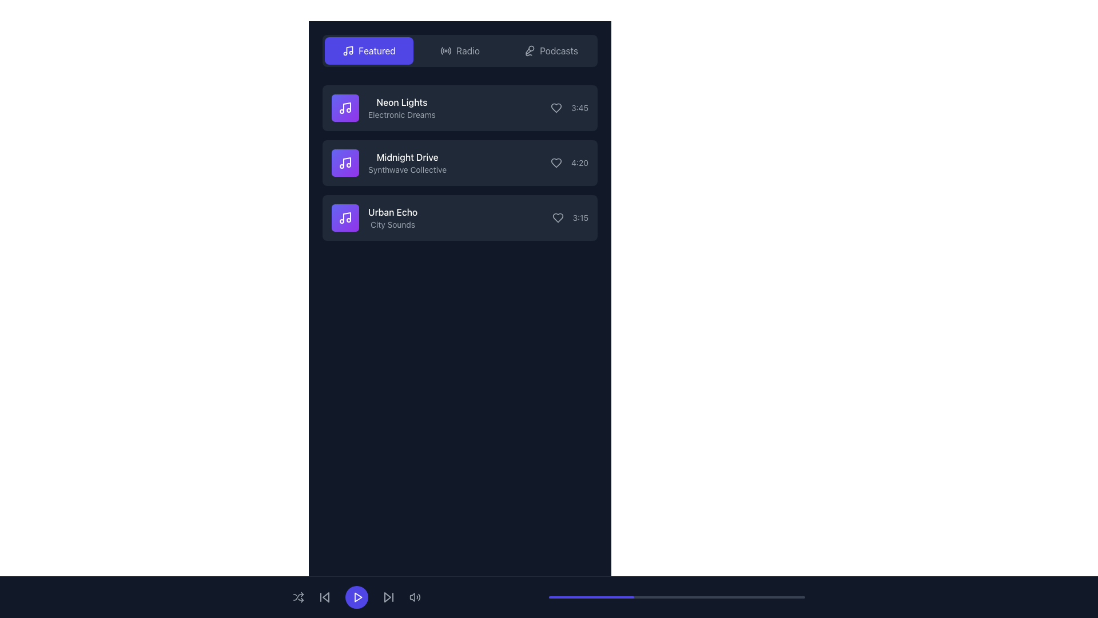  What do you see at coordinates (299, 597) in the screenshot?
I see `the shuffle button located in the bottom-left corner of the media player interface` at bounding box center [299, 597].